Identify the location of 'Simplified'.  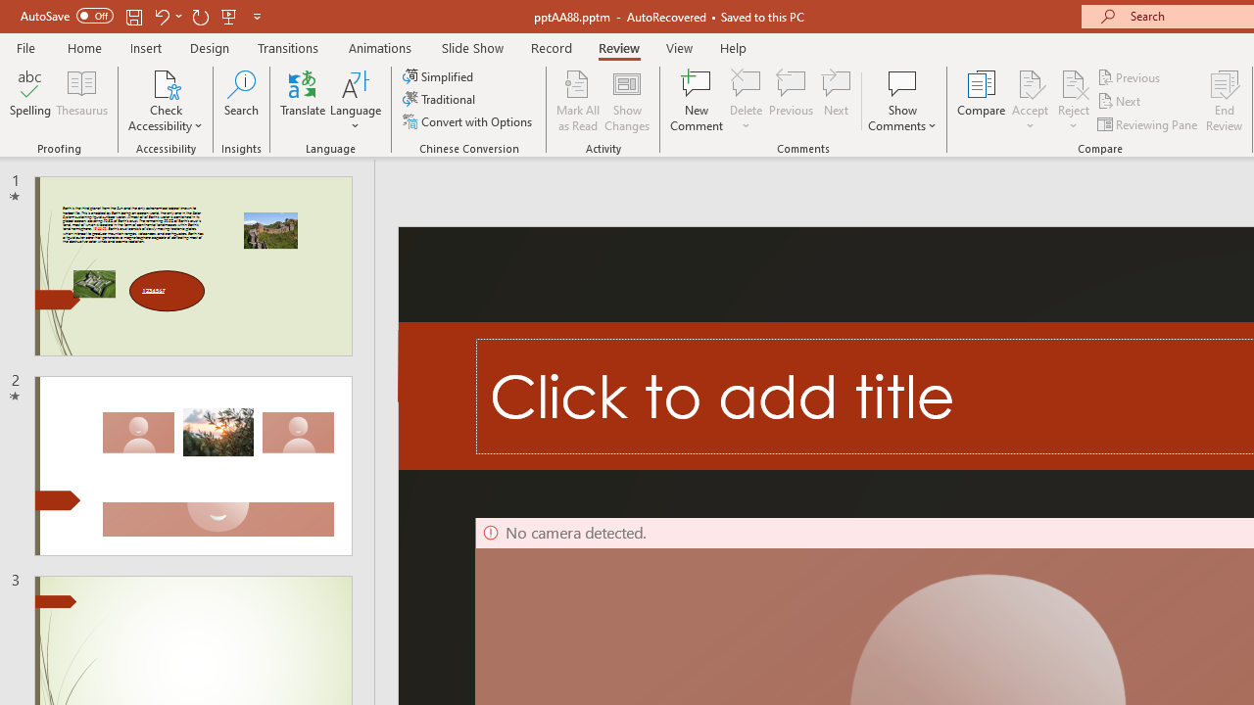
(439, 75).